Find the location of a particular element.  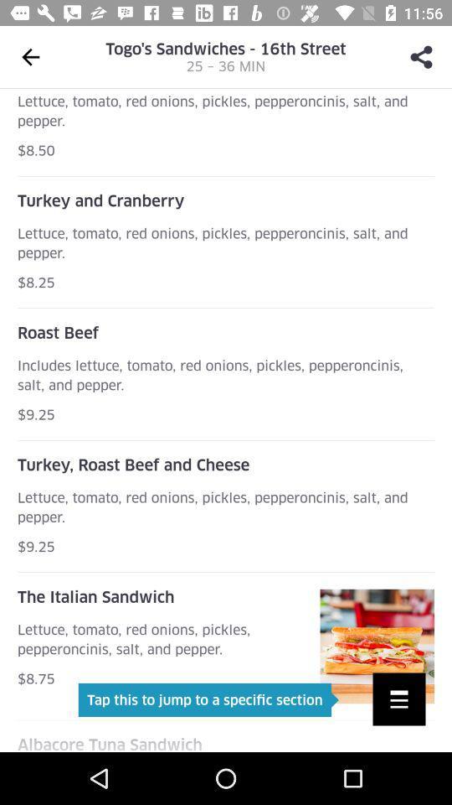

the share icon is located at coordinates (420, 57).